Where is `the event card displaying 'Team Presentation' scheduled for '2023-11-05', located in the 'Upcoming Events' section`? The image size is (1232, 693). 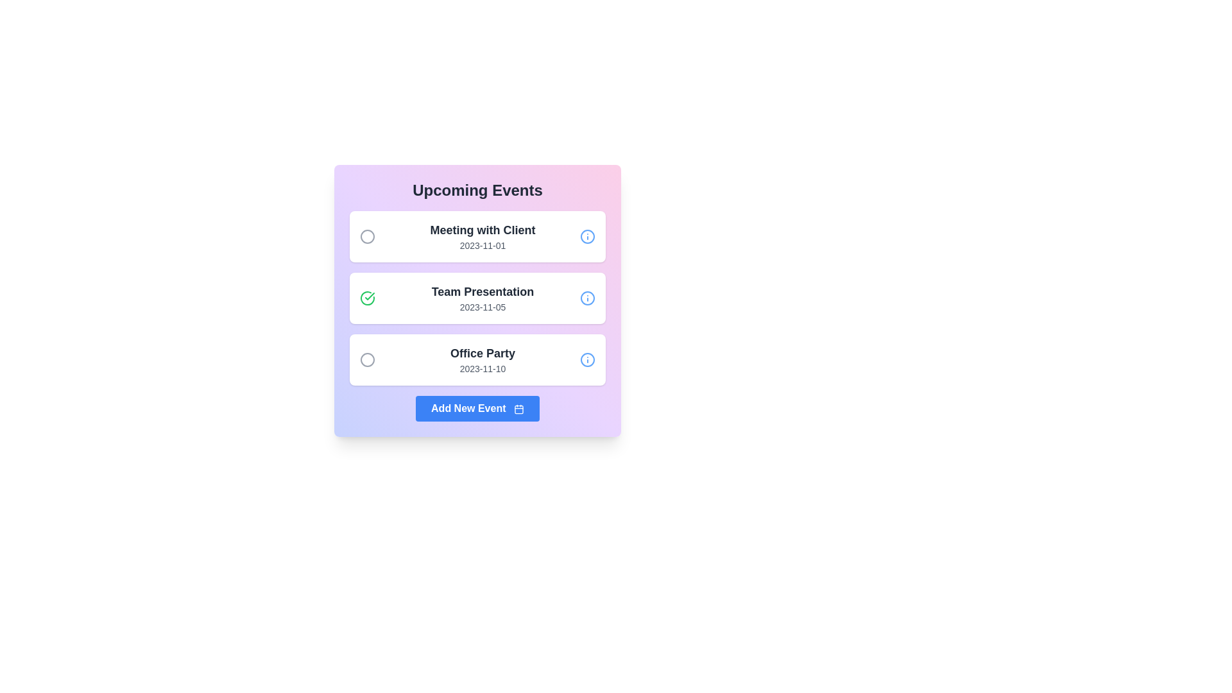 the event card displaying 'Team Presentation' scheduled for '2023-11-05', located in the 'Upcoming Events' section is located at coordinates (477, 298).